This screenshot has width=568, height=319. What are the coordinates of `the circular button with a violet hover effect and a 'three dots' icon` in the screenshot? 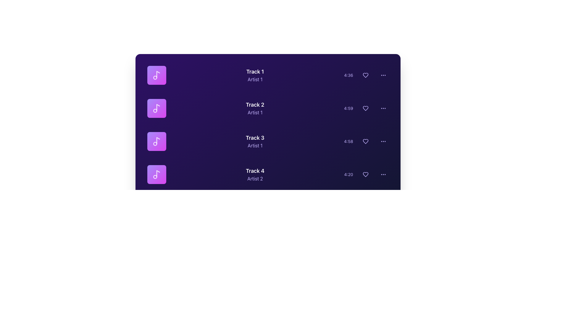 It's located at (383, 141).